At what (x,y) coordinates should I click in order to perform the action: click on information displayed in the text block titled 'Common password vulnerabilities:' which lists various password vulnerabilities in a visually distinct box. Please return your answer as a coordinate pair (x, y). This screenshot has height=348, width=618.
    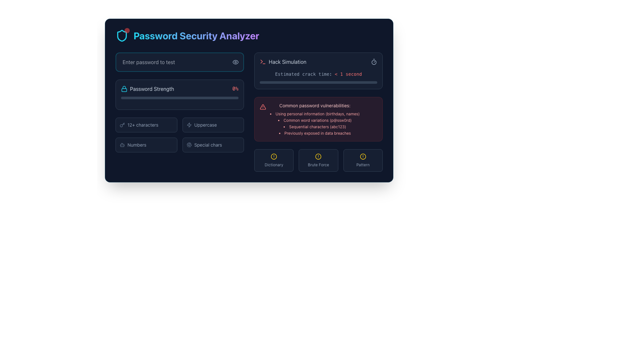
    Looking at the image, I should click on (315, 119).